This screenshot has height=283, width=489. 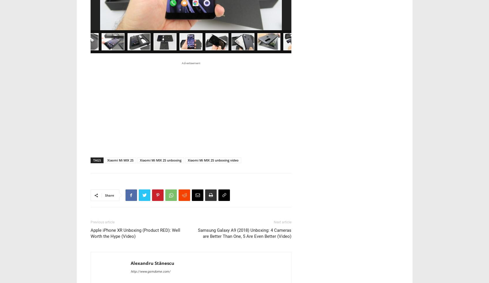 What do you see at coordinates (102, 143) in the screenshot?
I see `'Previous article'` at bounding box center [102, 143].